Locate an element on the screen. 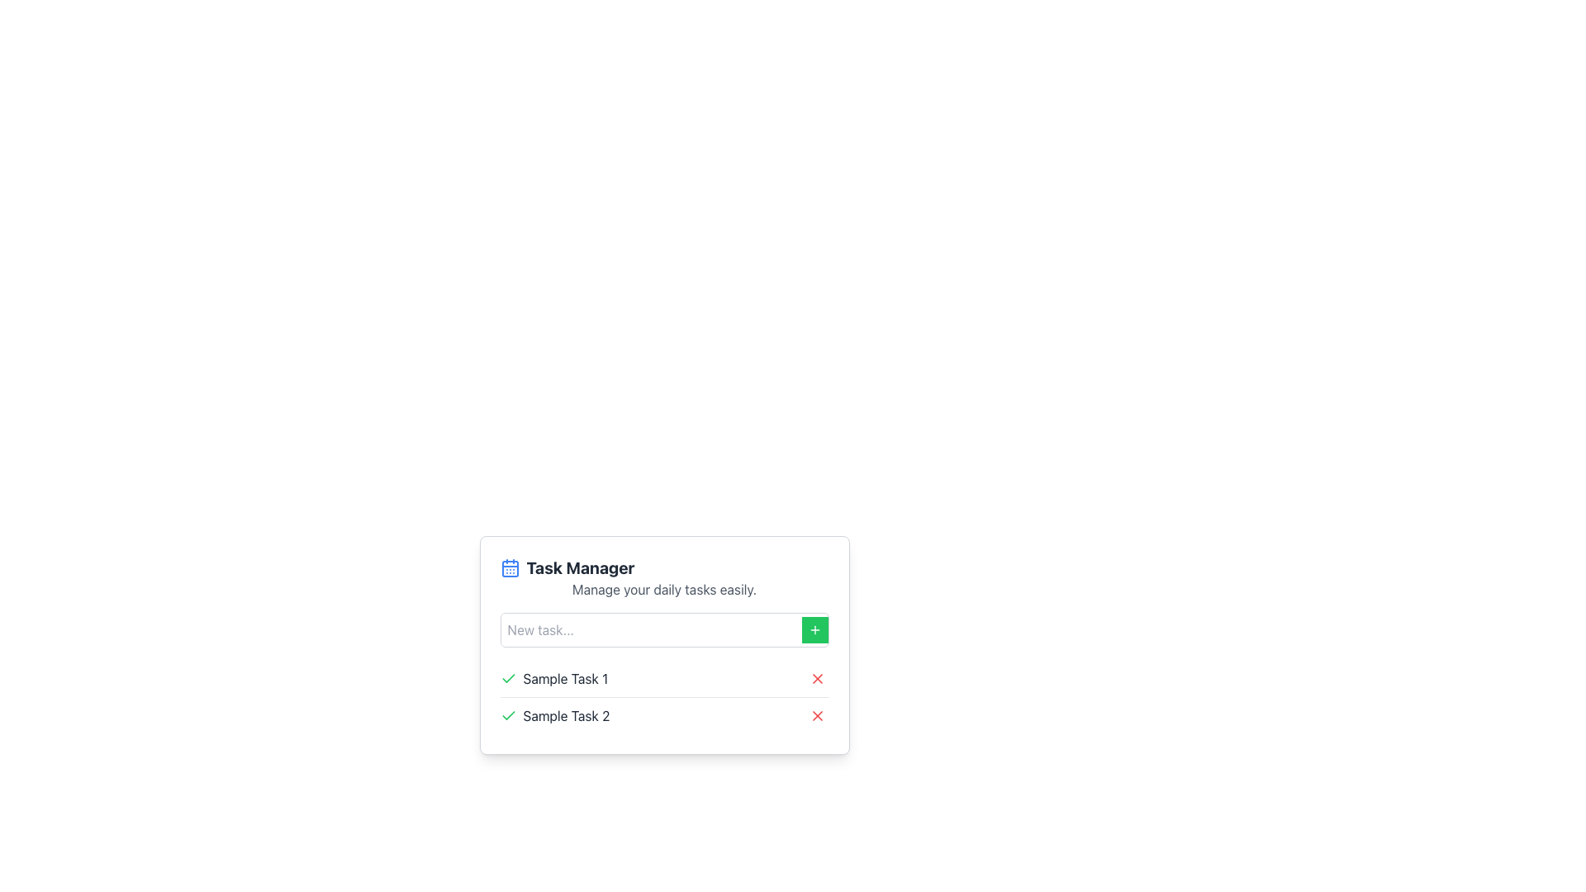 The height and width of the screenshot is (892, 1586). the green checkmark icon indicating completion, located to the left of the text 'Sample Task 1' is located at coordinates (507, 678).